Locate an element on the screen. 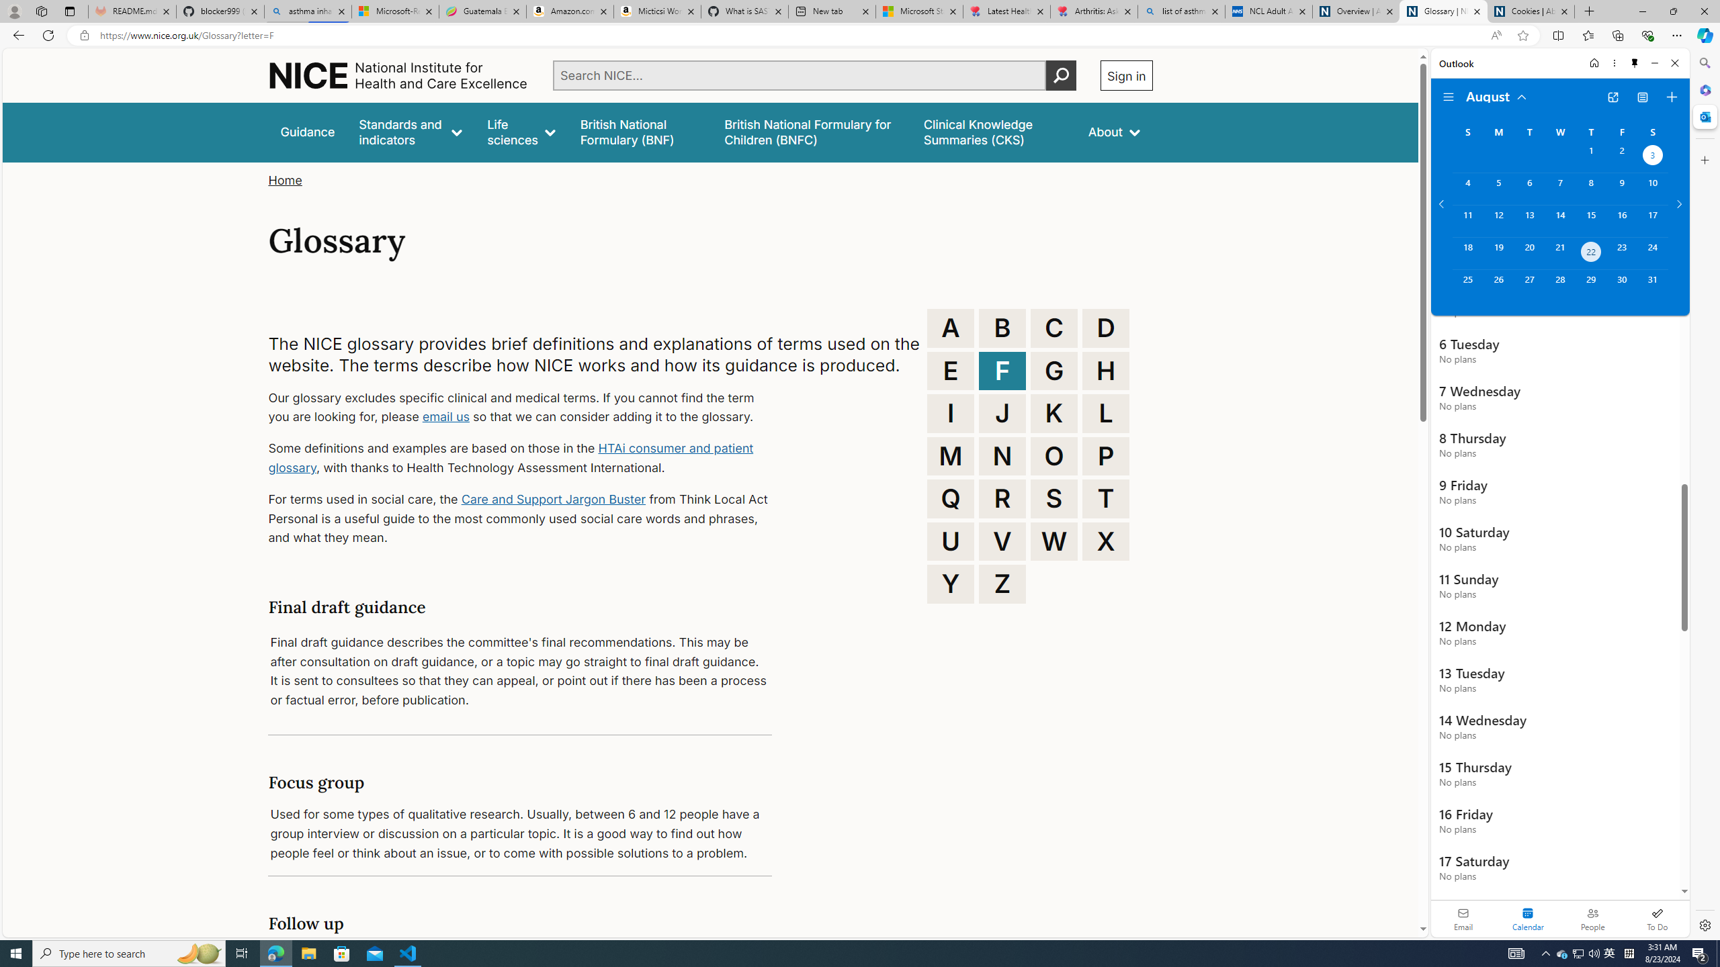 Image resolution: width=1720 pixels, height=967 pixels. 'Glossary | NICE' is located at coordinates (1443, 11).